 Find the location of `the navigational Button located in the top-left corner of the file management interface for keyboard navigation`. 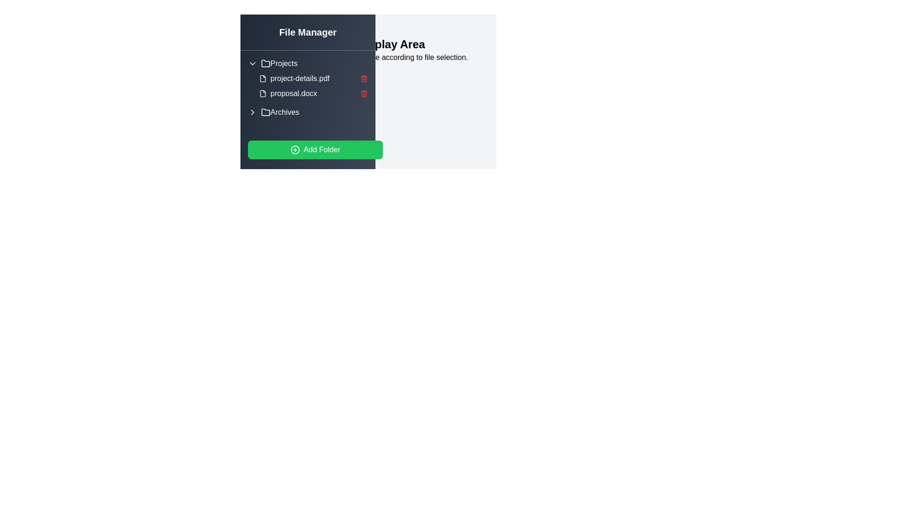

the navigational Button located in the top-left corner of the file management interface for keyboard navigation is located at coordinates (261, 34).